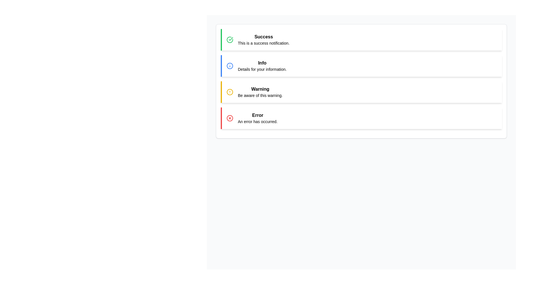  Describe the element at coordinates (257, 121) in the screenshot. I see `the text displaying 'An error has occurred.' located below the bold 'Error' label within a red-bordered box for interaction` at that location.